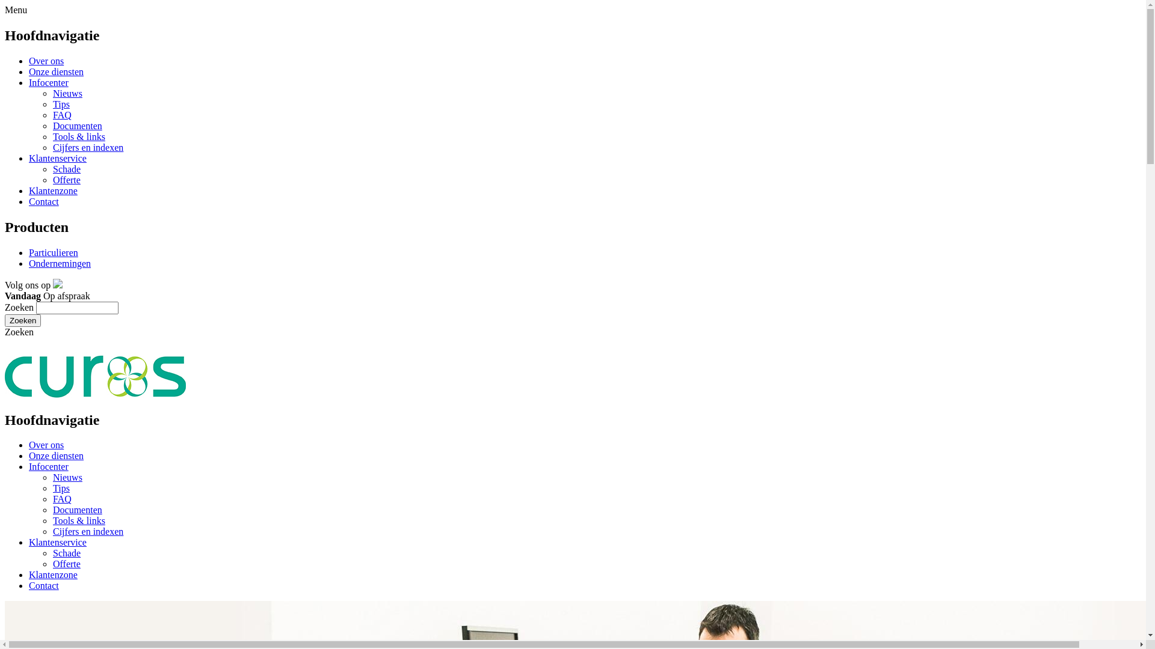  What do you see at coordinates (60, 488) in the screenshot?
I see `'Tips'` at bounding box center [60, 488].